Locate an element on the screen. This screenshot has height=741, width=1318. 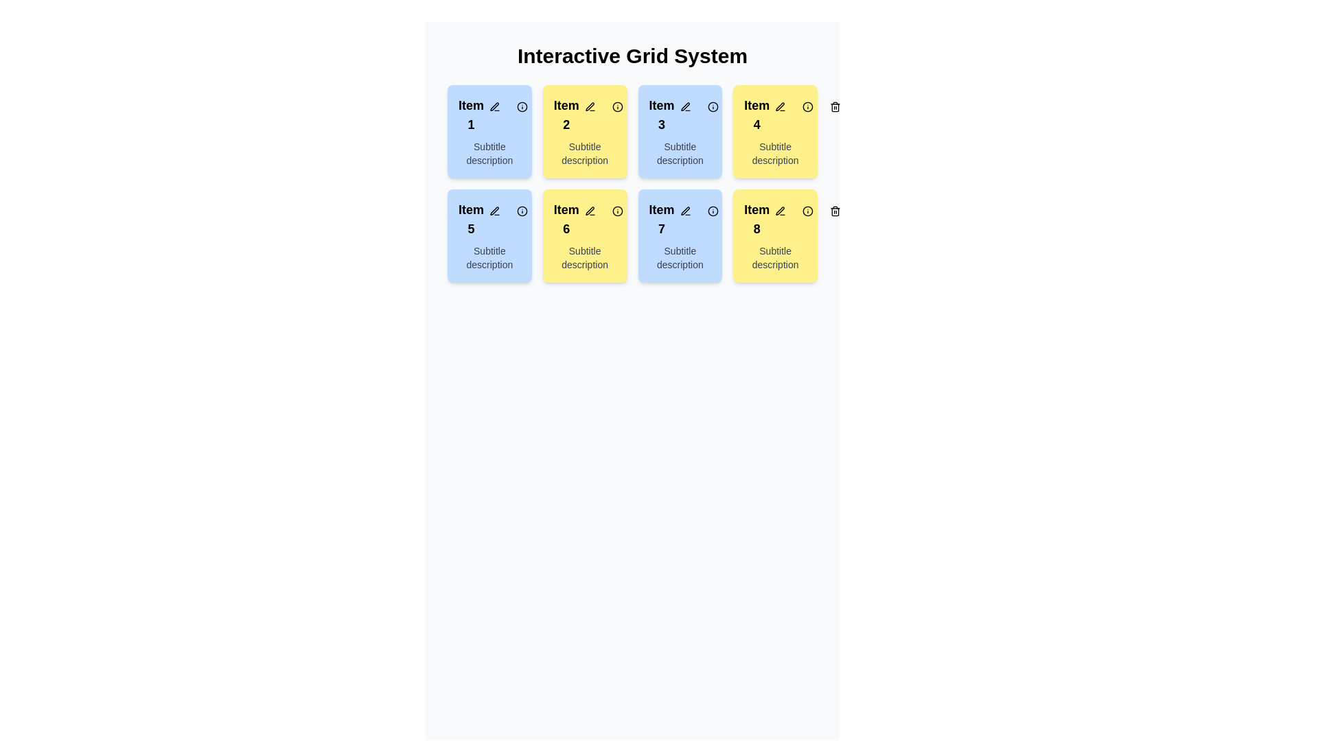
the circular part of the information icon located in the top-left card labeled 'Item 1' with a light blue background is located at coordinates (522, 106).